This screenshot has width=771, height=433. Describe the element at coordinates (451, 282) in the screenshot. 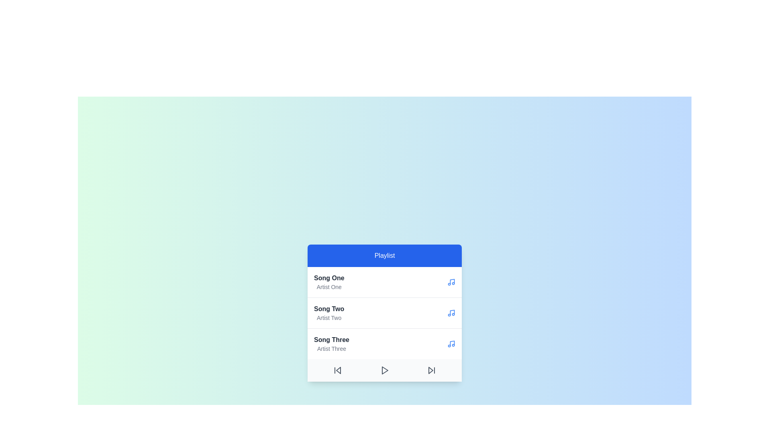

I see `the music icon beside the song Song One` at that location.